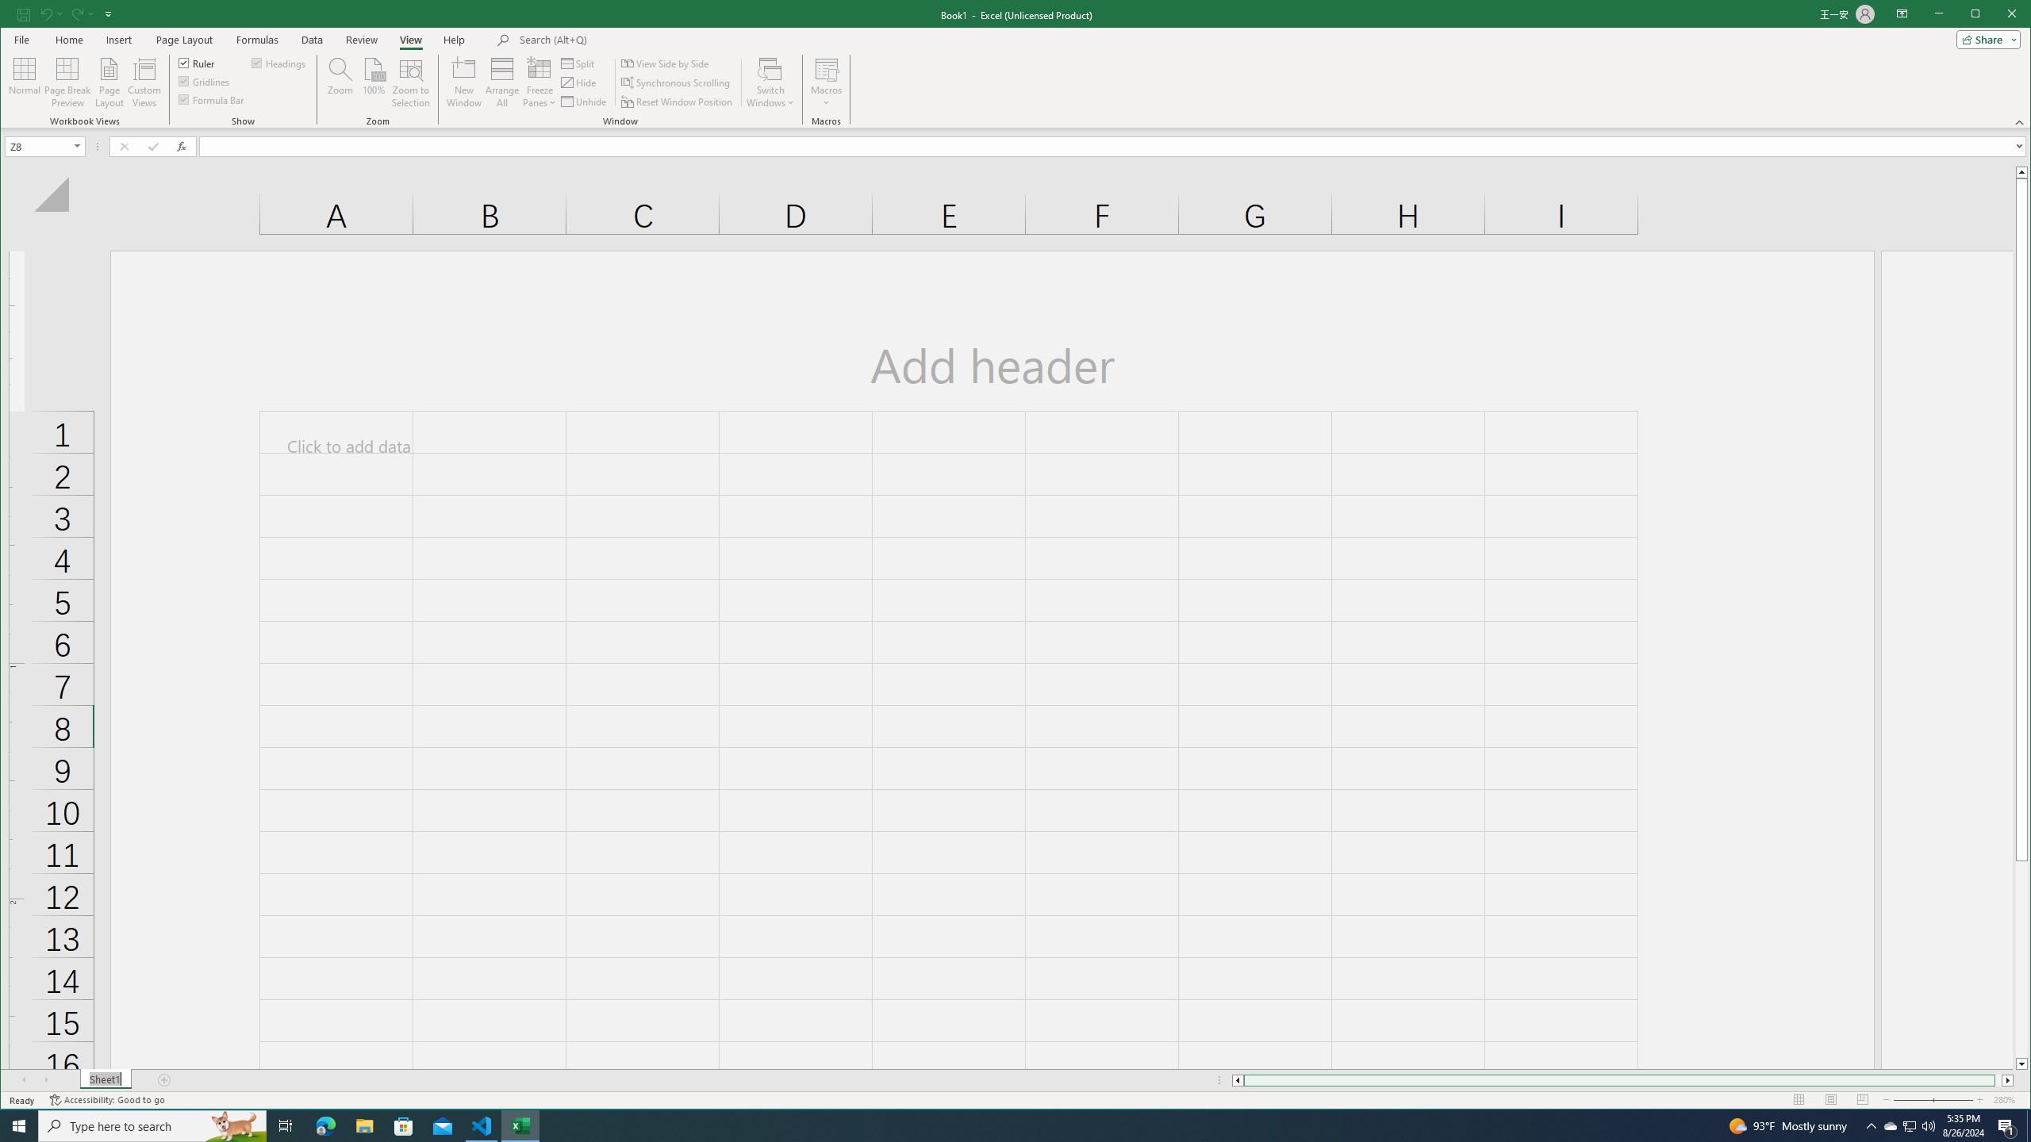 This screenshot has width=2031, height=1142. Describe the element at coordinates (770, 82) in the screenshot. I see `'Switch Windows'` at that location.